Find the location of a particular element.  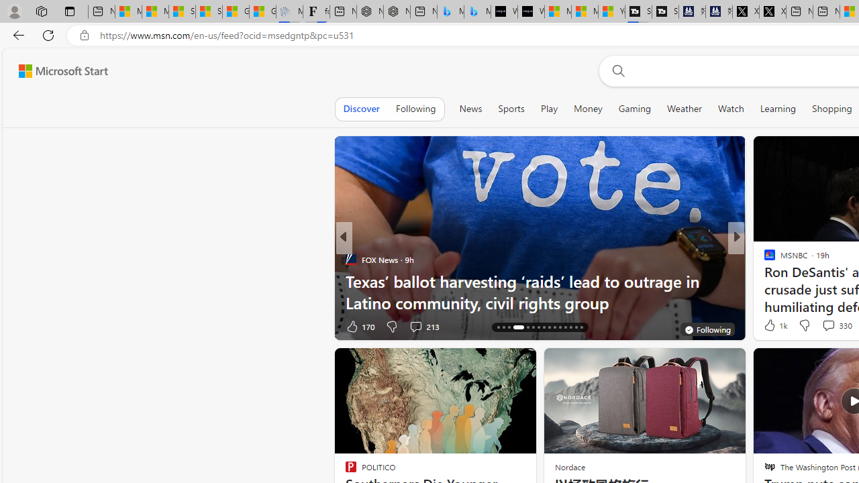

'AutomationID: tab-23' is located at coordinates (544, 327).